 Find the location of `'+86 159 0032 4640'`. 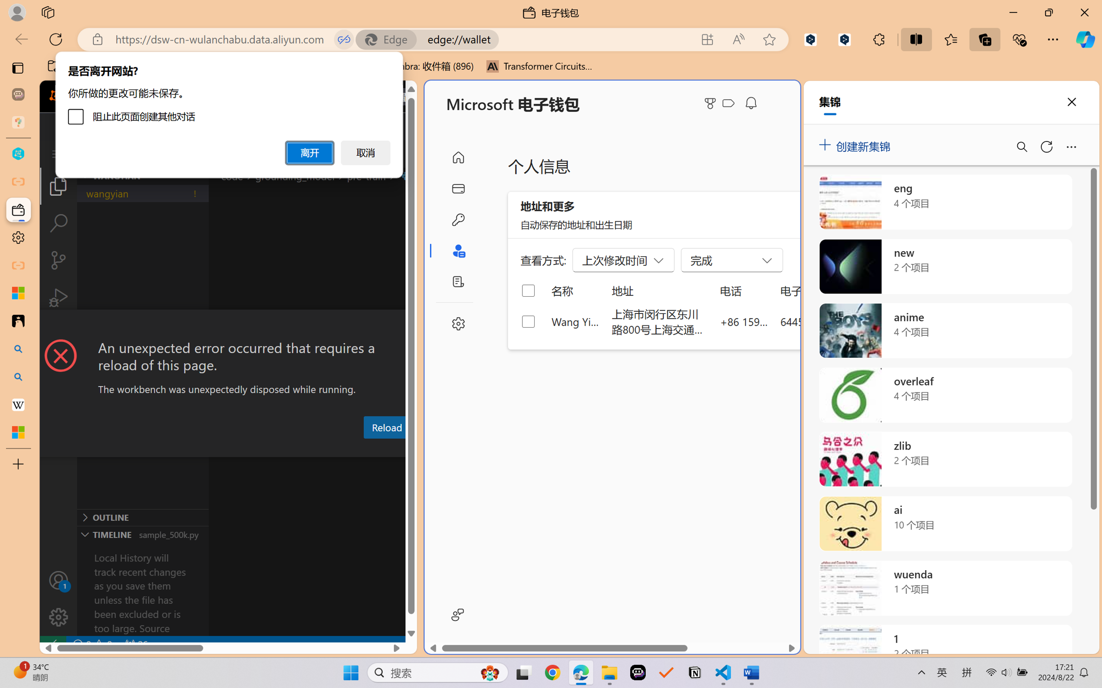

'+86 159 0032 4640' is located at coordinates (744, 321).